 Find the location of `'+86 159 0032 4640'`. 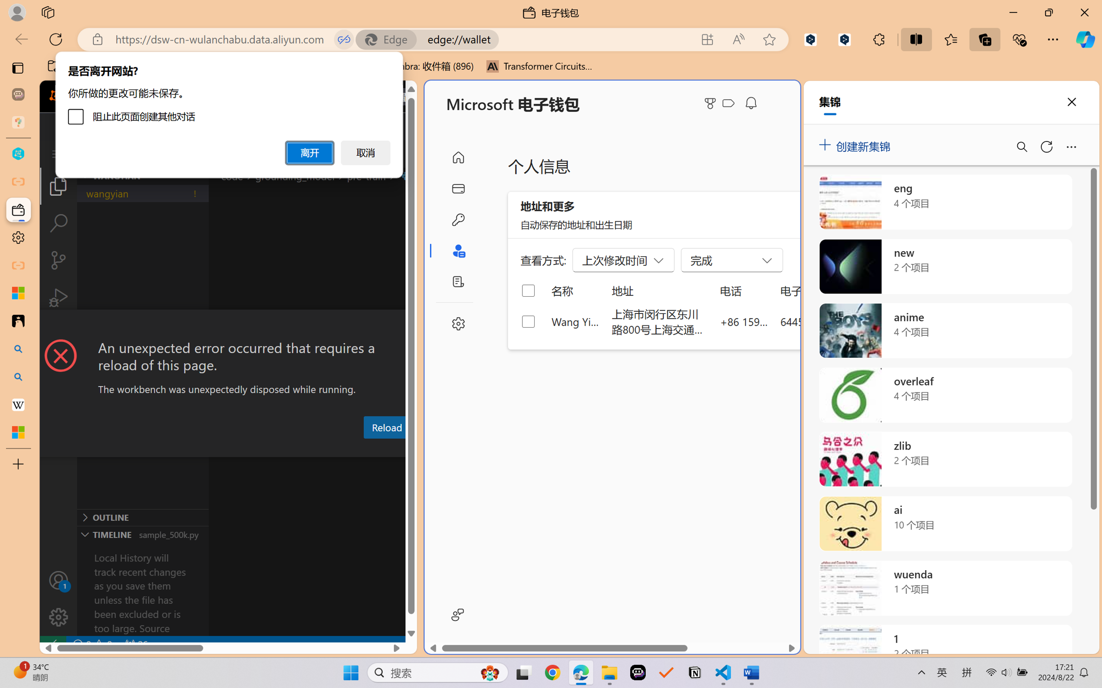

'+86 159 0032 4640' is located at coordinates (744, 321).